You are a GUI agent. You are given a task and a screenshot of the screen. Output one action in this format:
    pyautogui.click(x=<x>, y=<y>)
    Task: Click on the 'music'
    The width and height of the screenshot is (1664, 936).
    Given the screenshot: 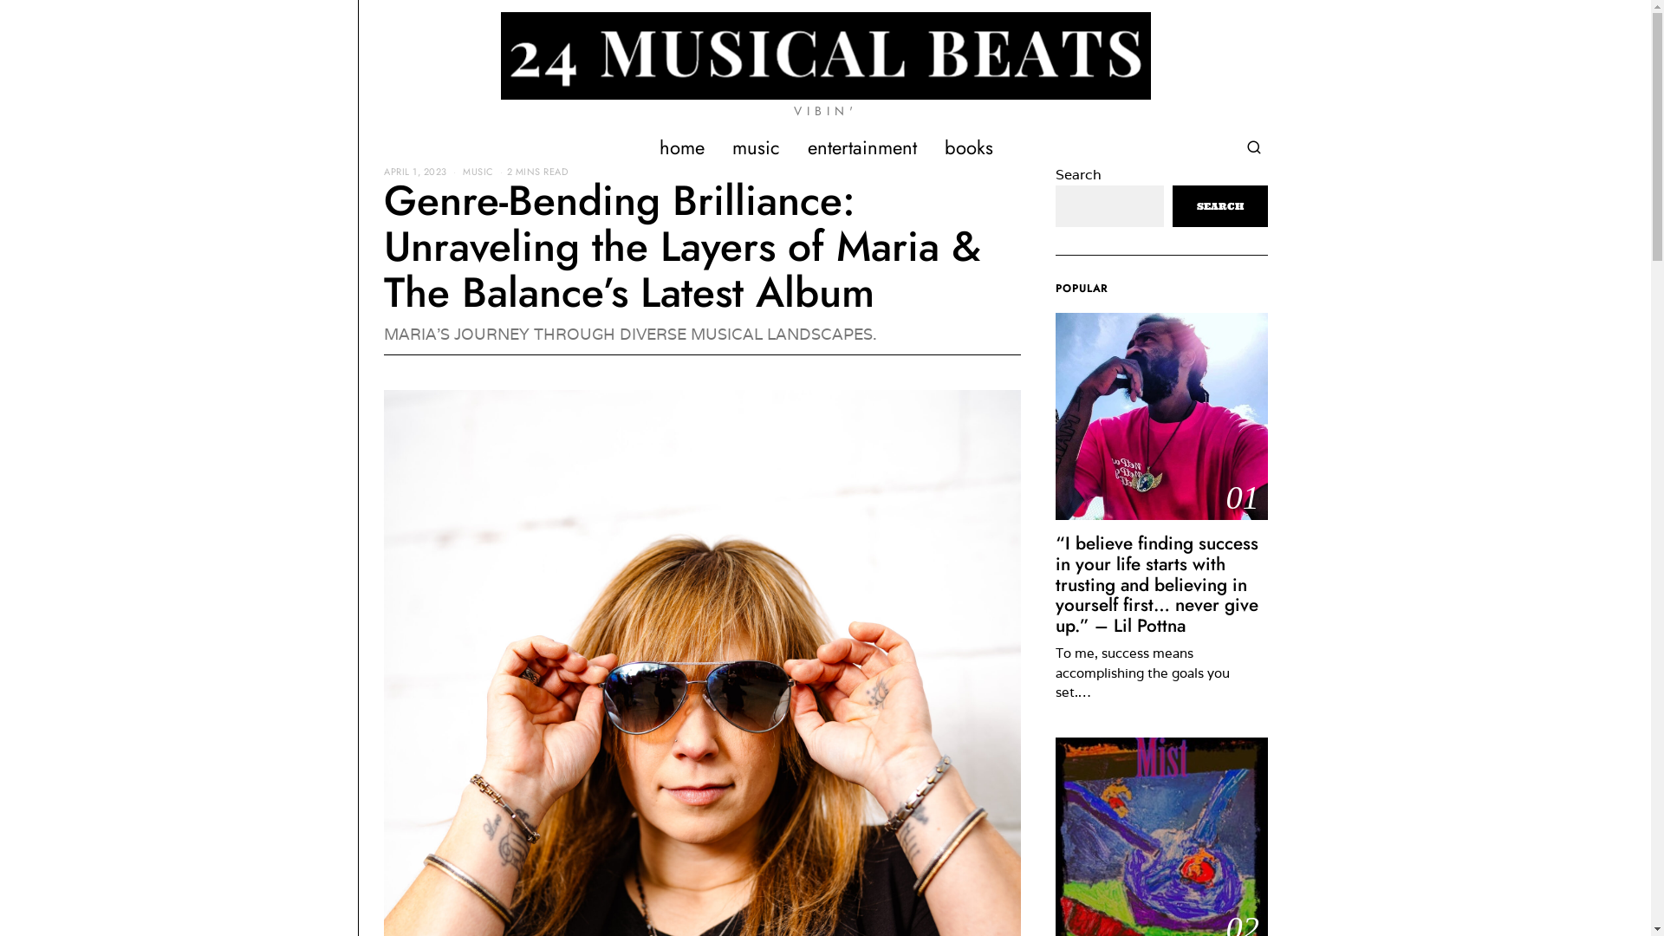 What is the action you would take?
    pyautogui.click(x=755, y=146)
    